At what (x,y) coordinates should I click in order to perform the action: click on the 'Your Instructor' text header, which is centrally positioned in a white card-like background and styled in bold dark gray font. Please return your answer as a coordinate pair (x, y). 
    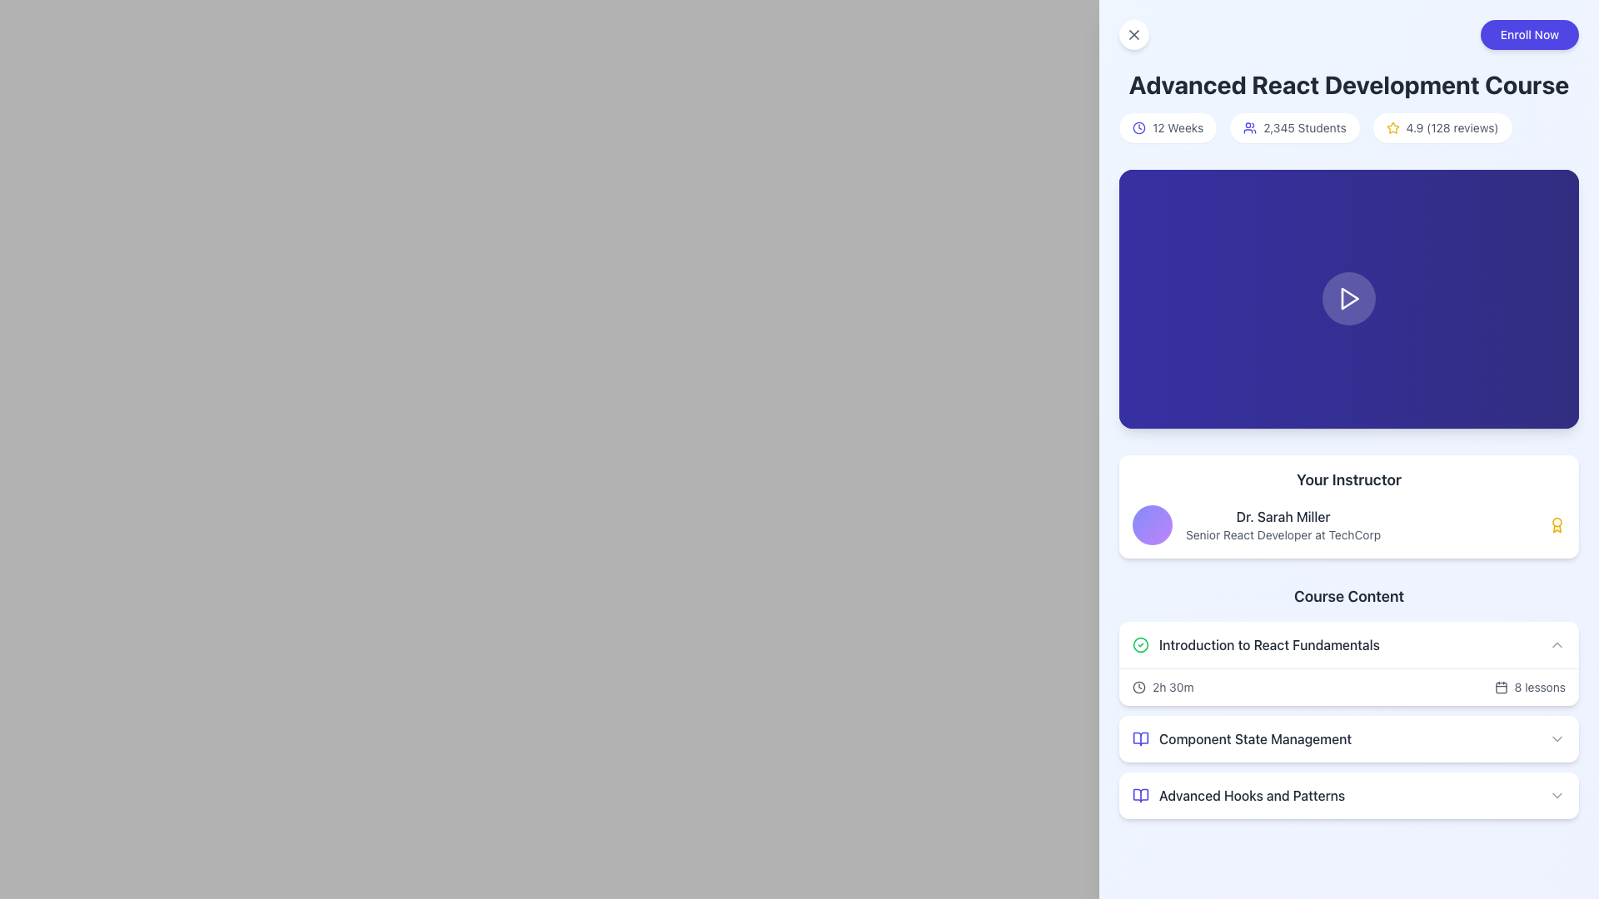
    Looking at the image, I should click on (1349, 479).